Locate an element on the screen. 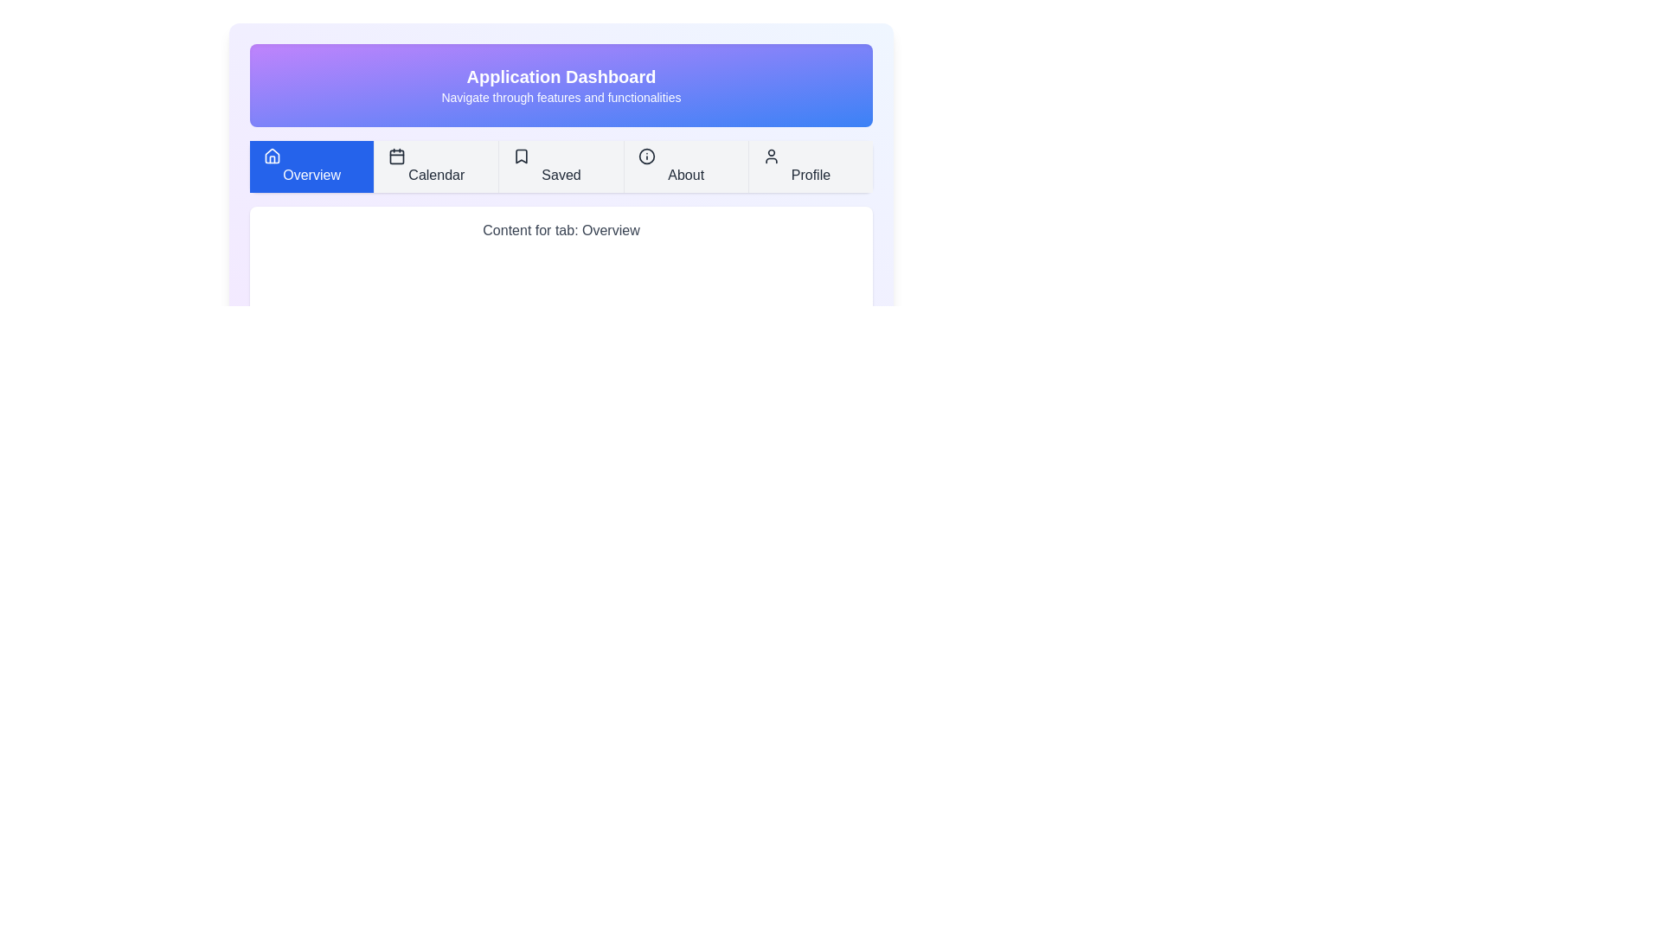 This screenshot has width=1661, height=934. the 'Saved' tab in the navigation bar is located at coordinates (561, 166).